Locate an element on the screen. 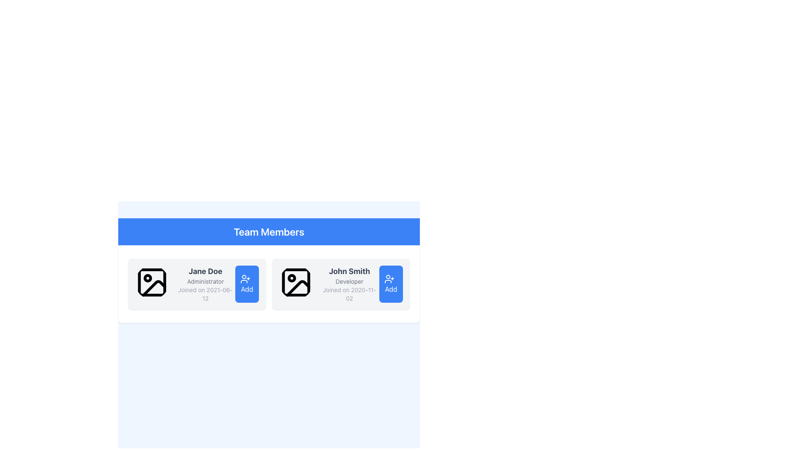 The width and height of the screenshot is (811, 456). the SVG element representing the profile image for 'John Smith' in the user profile card is located at coordinates (296, 282).